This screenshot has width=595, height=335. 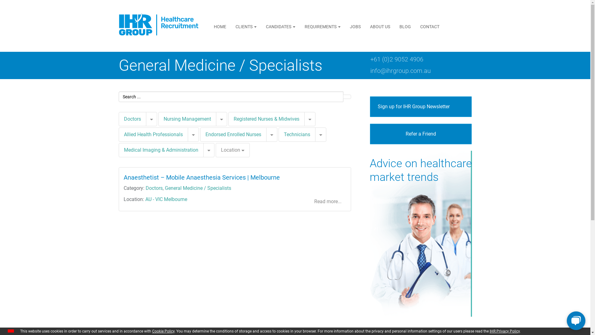 I want to click on 'Medical Imaging & Administration', so click(x=161, y=150).